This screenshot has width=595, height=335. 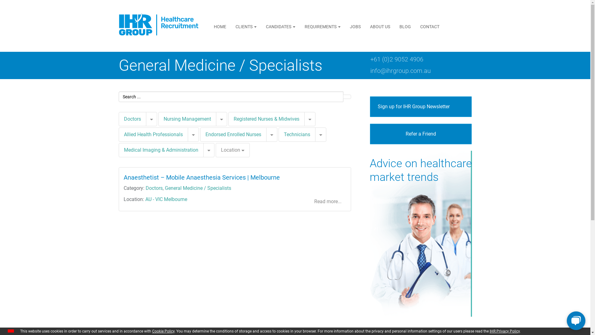 I want to click on 'Medical Imaging & Administration', so click(x=161, y=150).